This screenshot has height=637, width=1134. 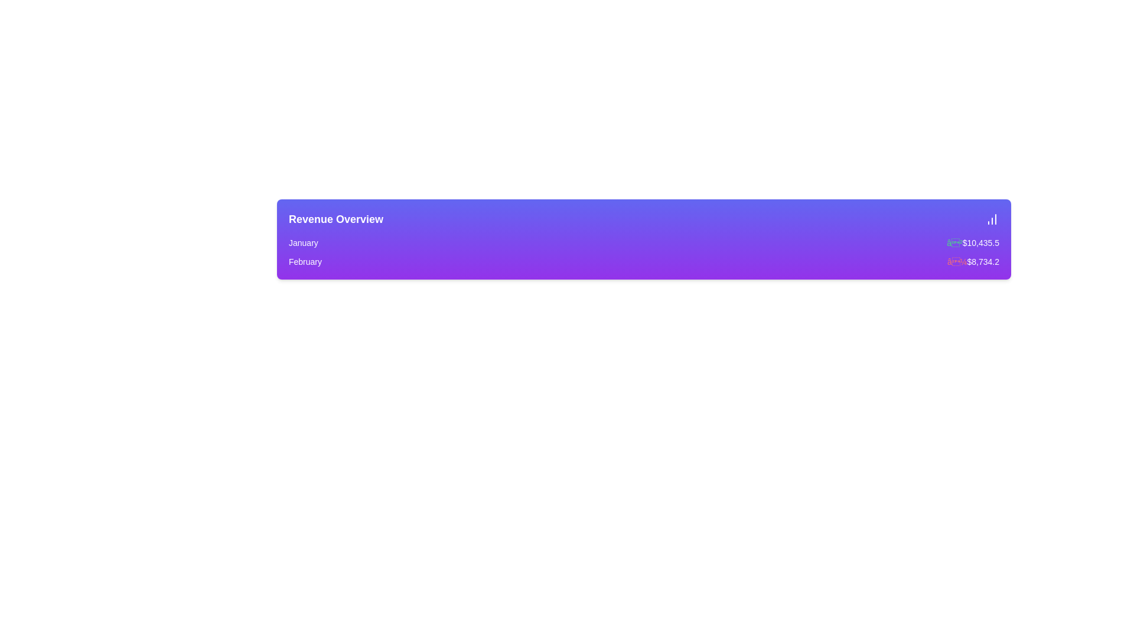 I want to click on the text label displaying 'January', which is positioned above 'February' on a gradient purple background, so click(x=303, y=242).